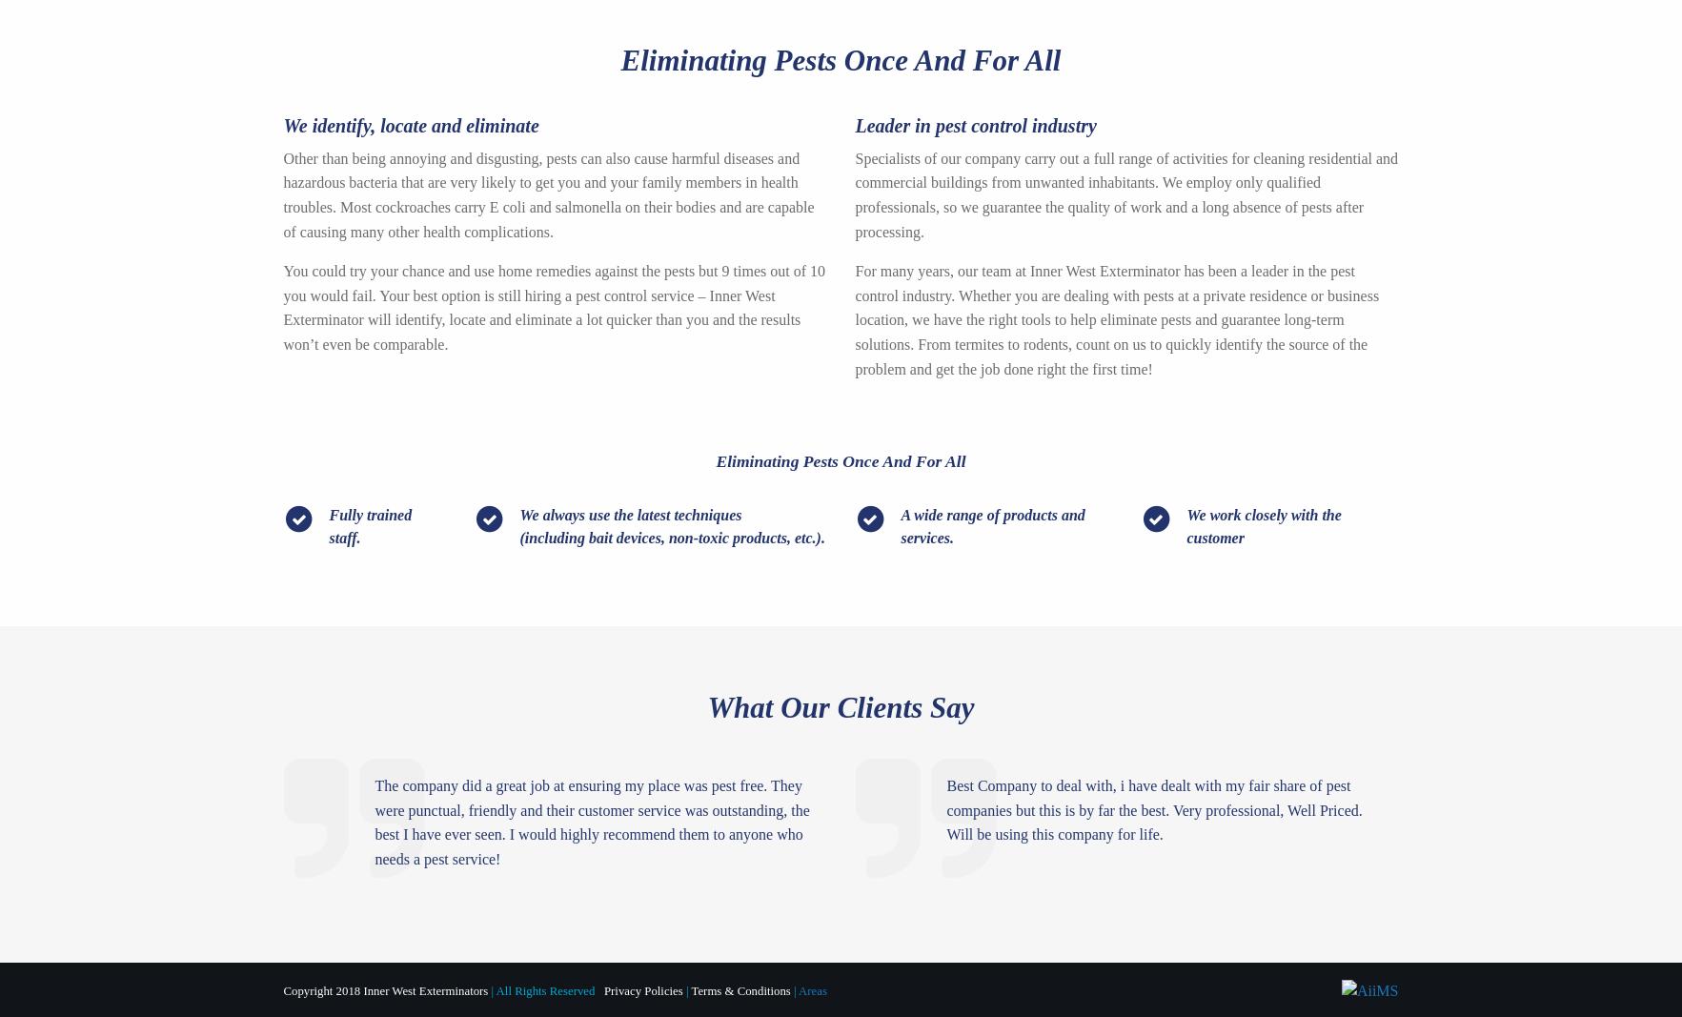 The height and width of the screenshot is (1017, 1682). I want to click on 'You could try your chance and use home remedies against the pests but 9 times out of 10 you would fail. Your best option is still hiring a pest control service – Inner West Exterminator will identify, locate and eliminate a lot quicker than you and the results won’t even be comparable.', so click(553, 307).